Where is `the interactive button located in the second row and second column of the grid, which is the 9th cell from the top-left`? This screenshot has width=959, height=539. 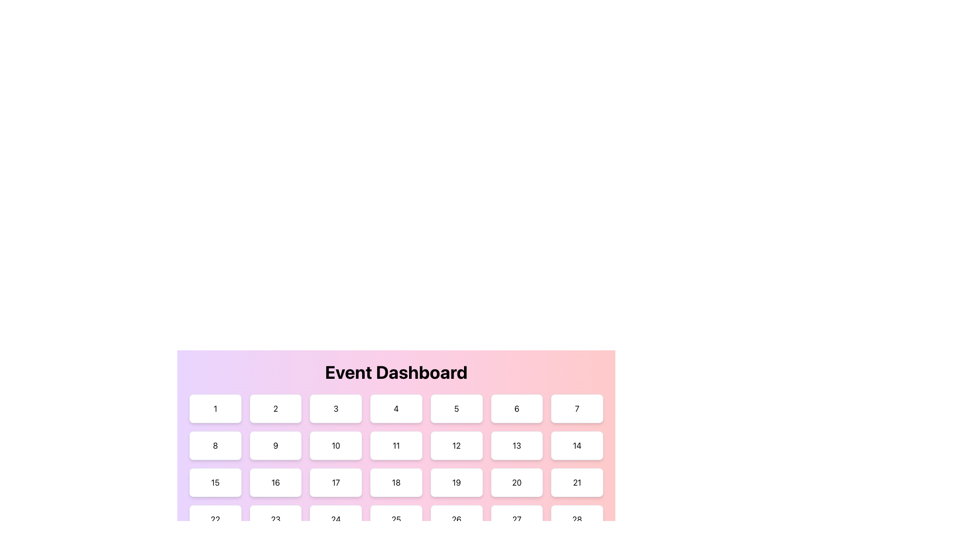 the interactive button located in the second row and second column of the grid, which is the 9th cell from the top-left is located at coordinates (276, 445).